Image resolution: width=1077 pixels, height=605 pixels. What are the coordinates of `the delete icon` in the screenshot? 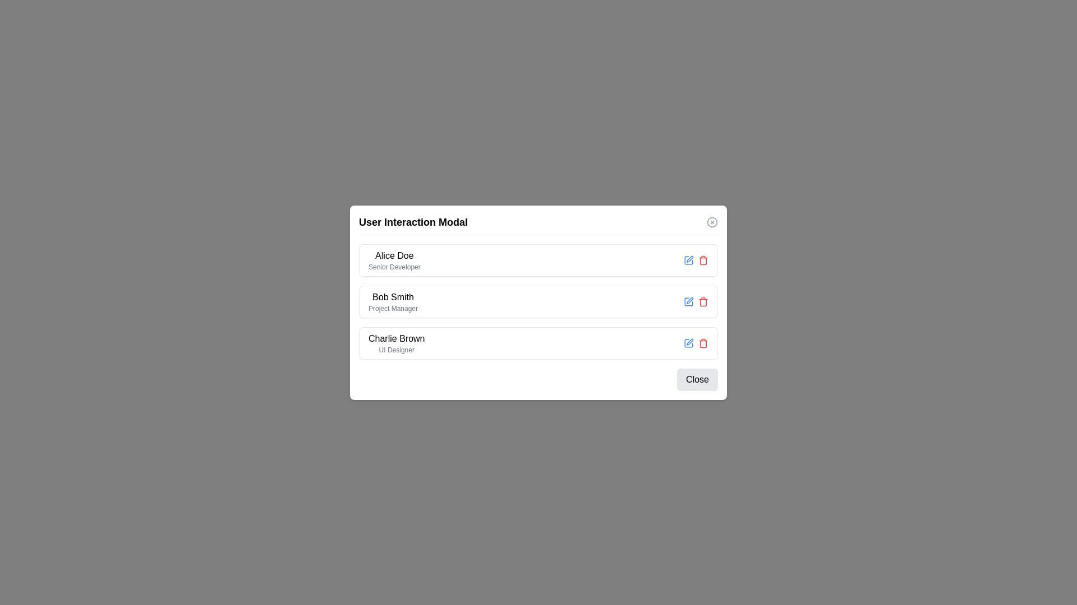 It's located at (702, 300).